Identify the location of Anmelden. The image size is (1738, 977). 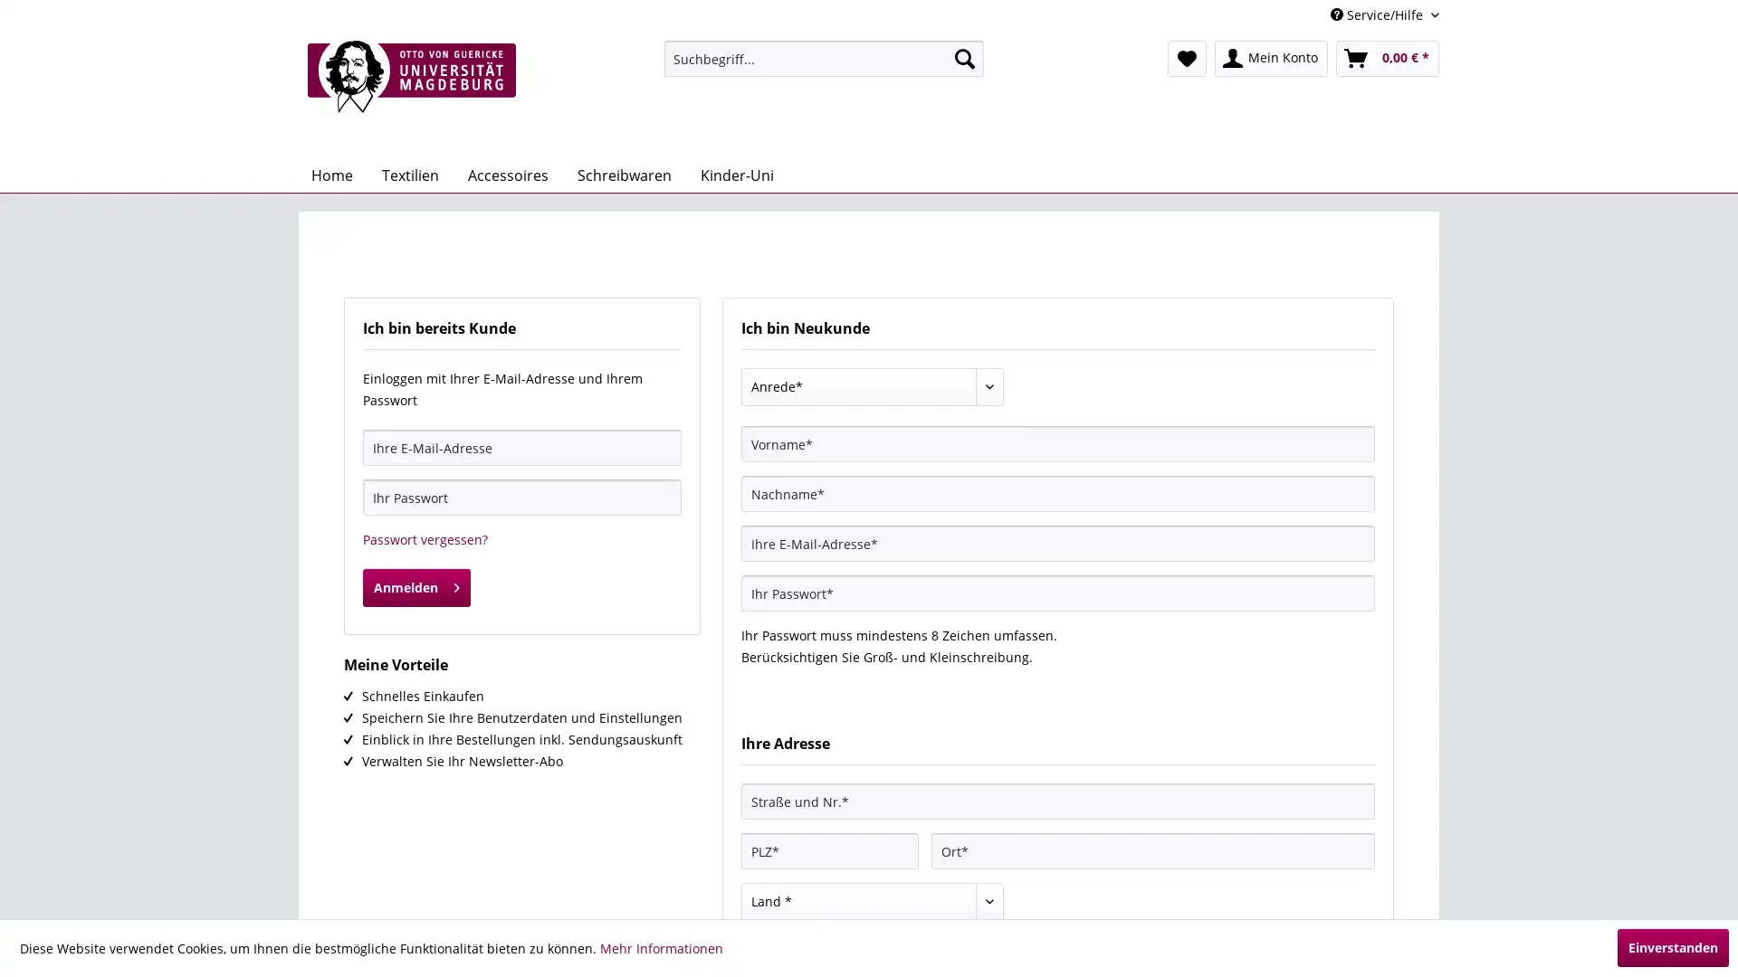
(415, 588).